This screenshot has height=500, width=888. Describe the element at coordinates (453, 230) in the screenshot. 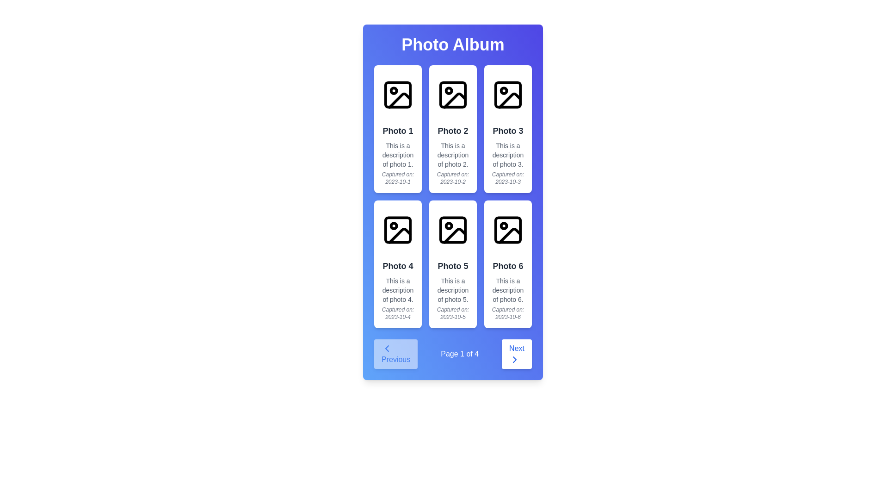

I see `the visual decoration within the image icon representing 'Photo 5' located in the second row and second column of the grid layout` at that location.